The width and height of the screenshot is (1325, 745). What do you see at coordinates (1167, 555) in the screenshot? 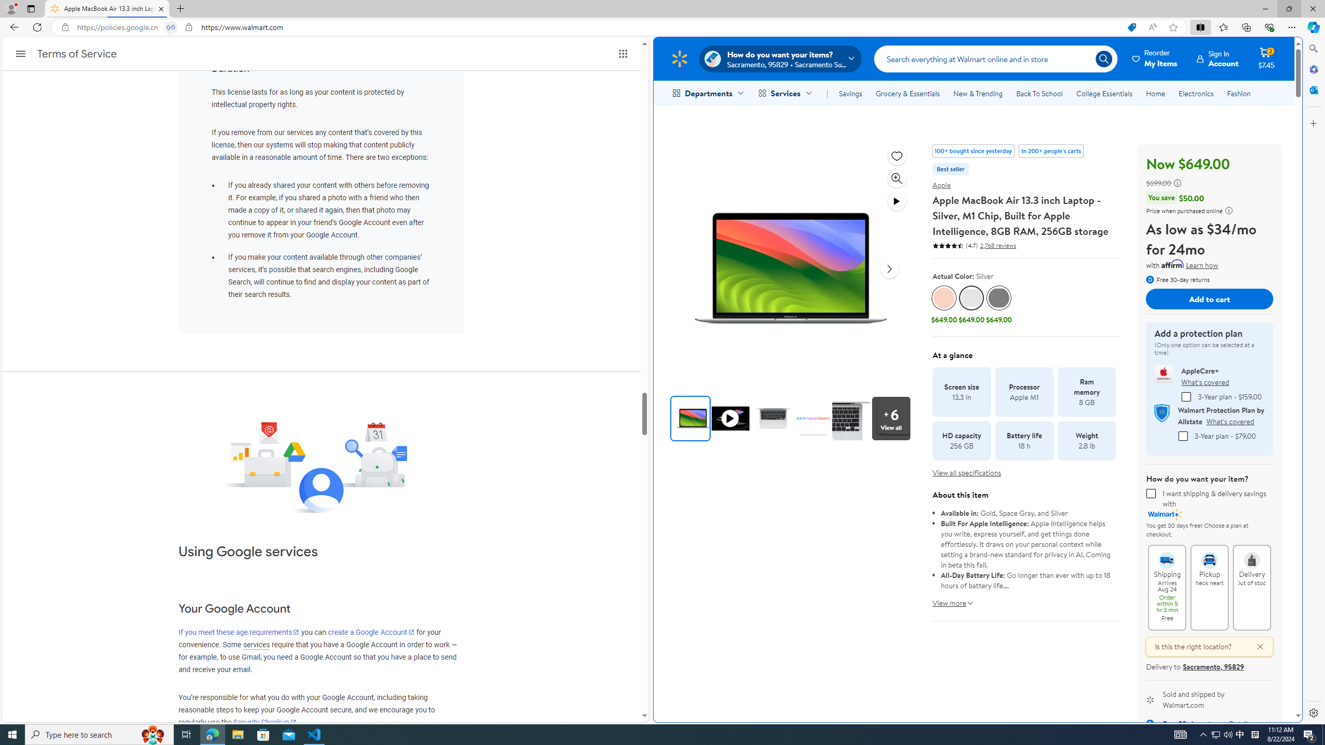
I see `'Shipping Arrives Aug 24 Order within 5 hr 3 min Free'` at bounding box center [1167, 555].